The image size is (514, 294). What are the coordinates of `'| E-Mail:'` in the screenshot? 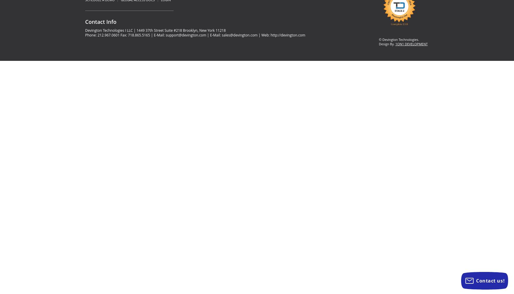 It's located at (214, 34).